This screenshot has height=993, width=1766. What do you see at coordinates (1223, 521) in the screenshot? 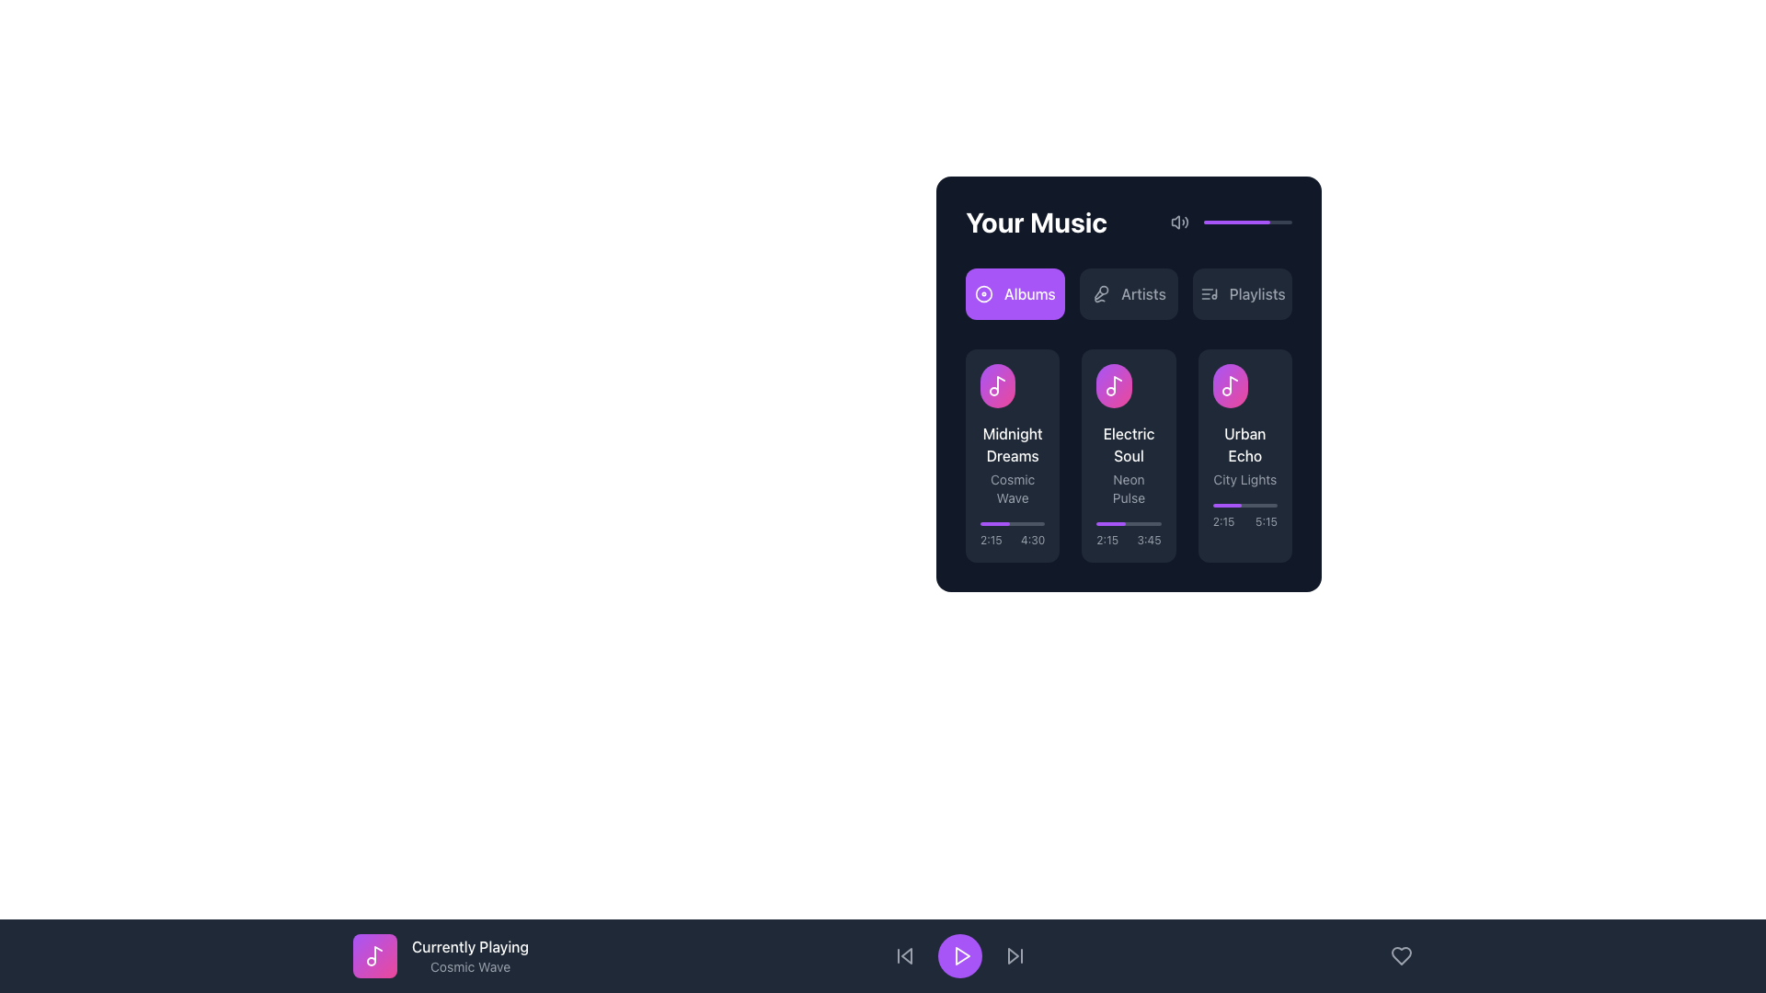
I see `the static text label displaying the current playback time of the audio track, located at the bottom left of the 'Urban Echo' music card, slightly below the progress bar` at bounding box center [1223, 521].